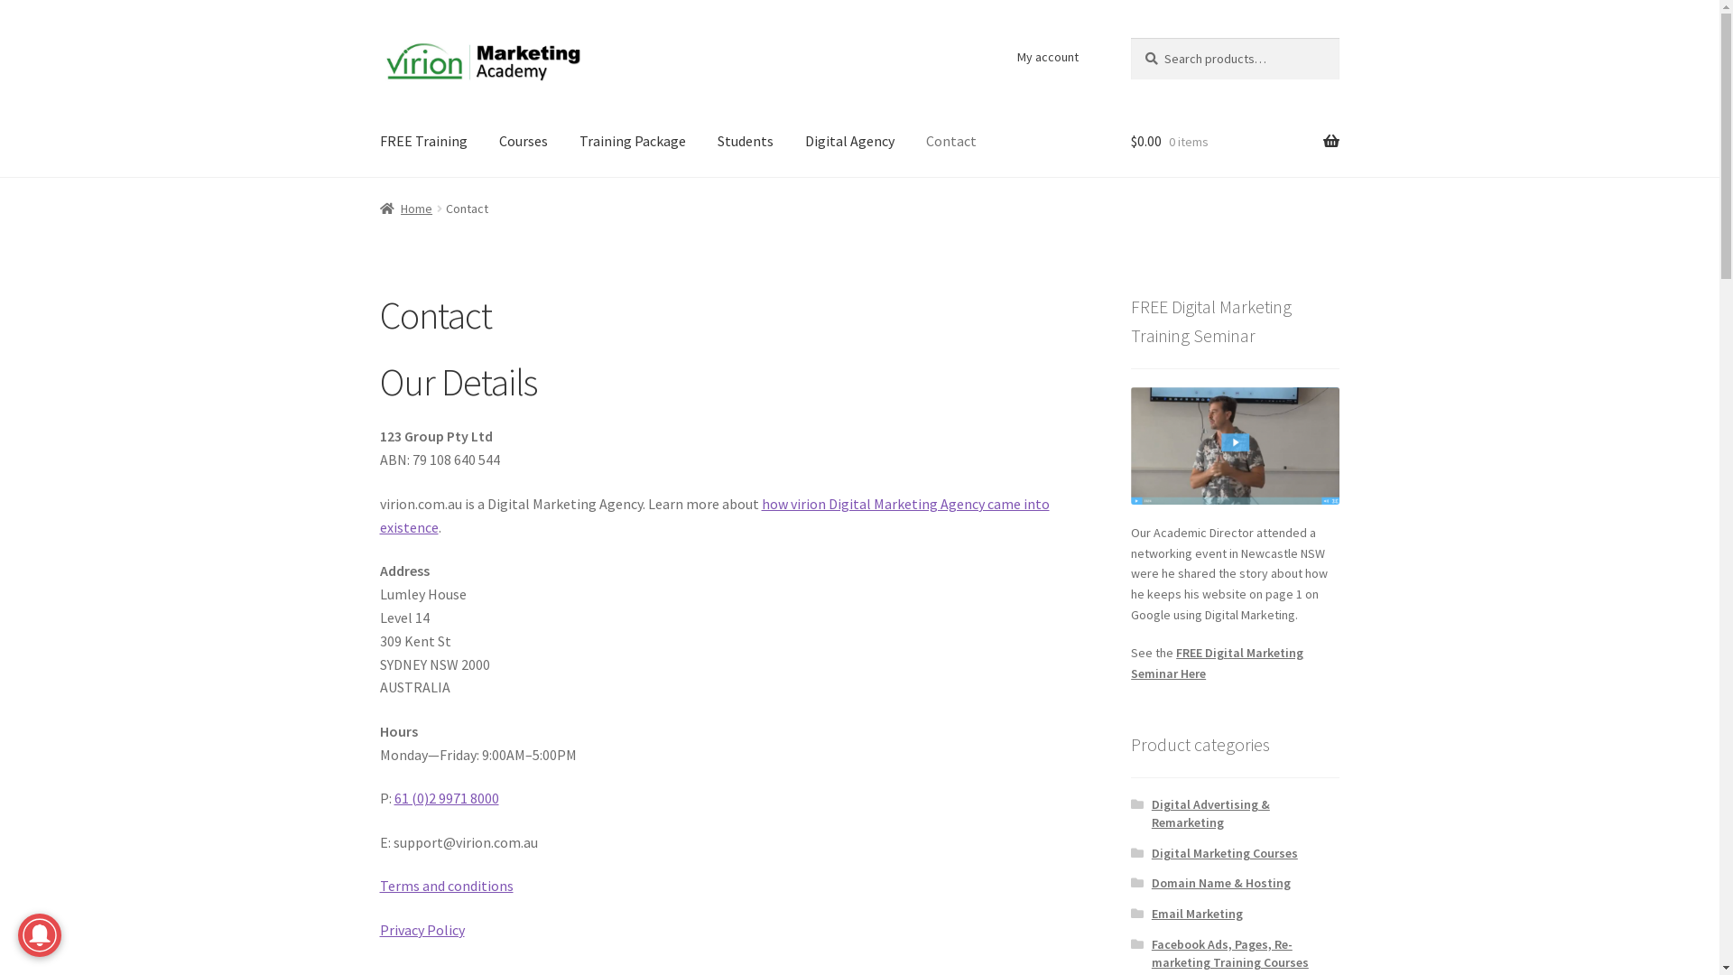 The width and height of the screenshot is (1733, 975). What do you see at coordinates (446, 884) in the screenshot?
I see `'Terms and conditions'` at bounding box center [446, 884].